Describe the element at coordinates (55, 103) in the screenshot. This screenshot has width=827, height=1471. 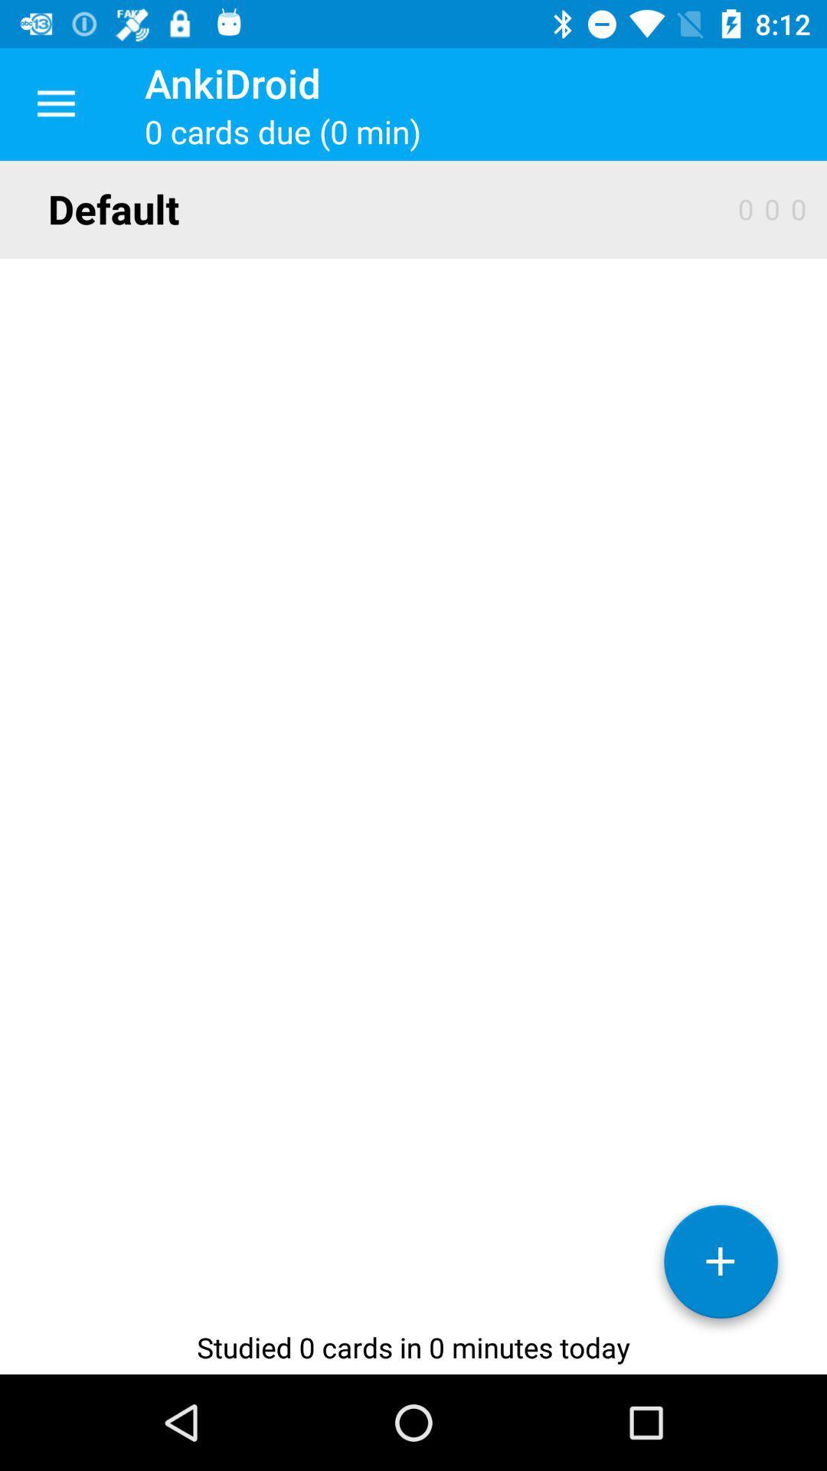
I see `app next to the ankidroid app` at that location.